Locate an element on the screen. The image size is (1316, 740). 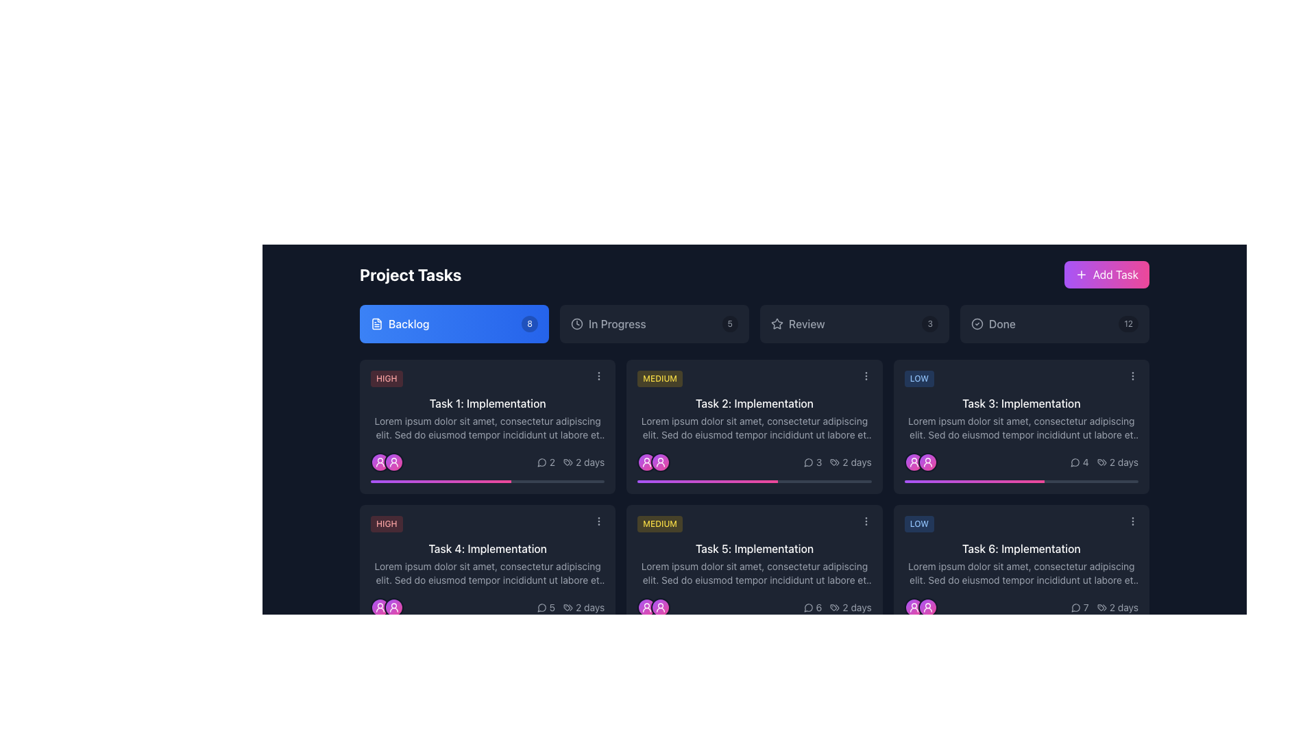
the 'Done' text label in the task management interface, which indicates completed tasks and is located in the far right of the horizontal menu bar, next to a count indicator ('12') and a circular checkmark icon is located at coordinates (1002, 324).